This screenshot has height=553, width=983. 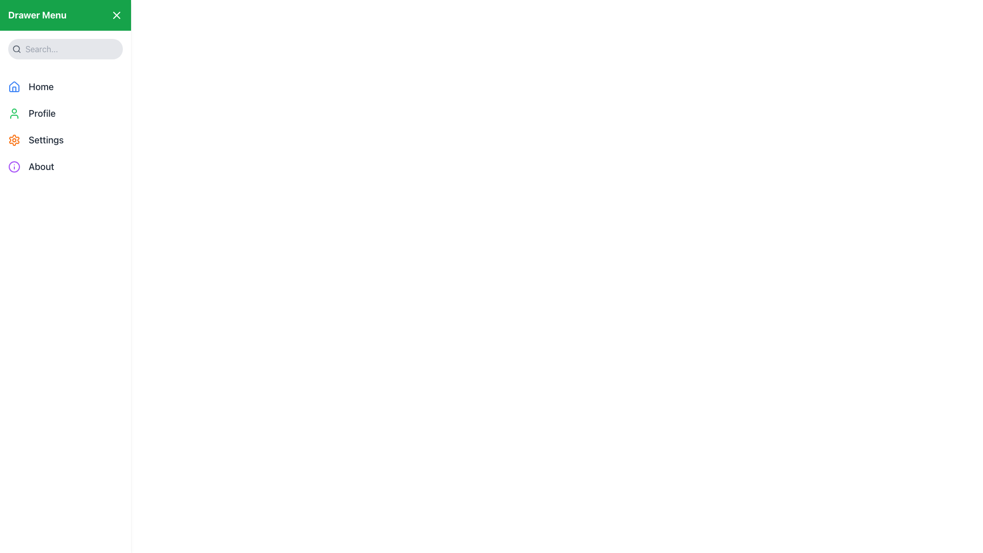 What do you see at coordinates (14, 114) in the screenshot?
I see `the user profile icon, which is a compact SVG-based icon with a green stroke color located to the left of the 'Profile' text label in a vertically structured menu` at bounding box center [14, 114].